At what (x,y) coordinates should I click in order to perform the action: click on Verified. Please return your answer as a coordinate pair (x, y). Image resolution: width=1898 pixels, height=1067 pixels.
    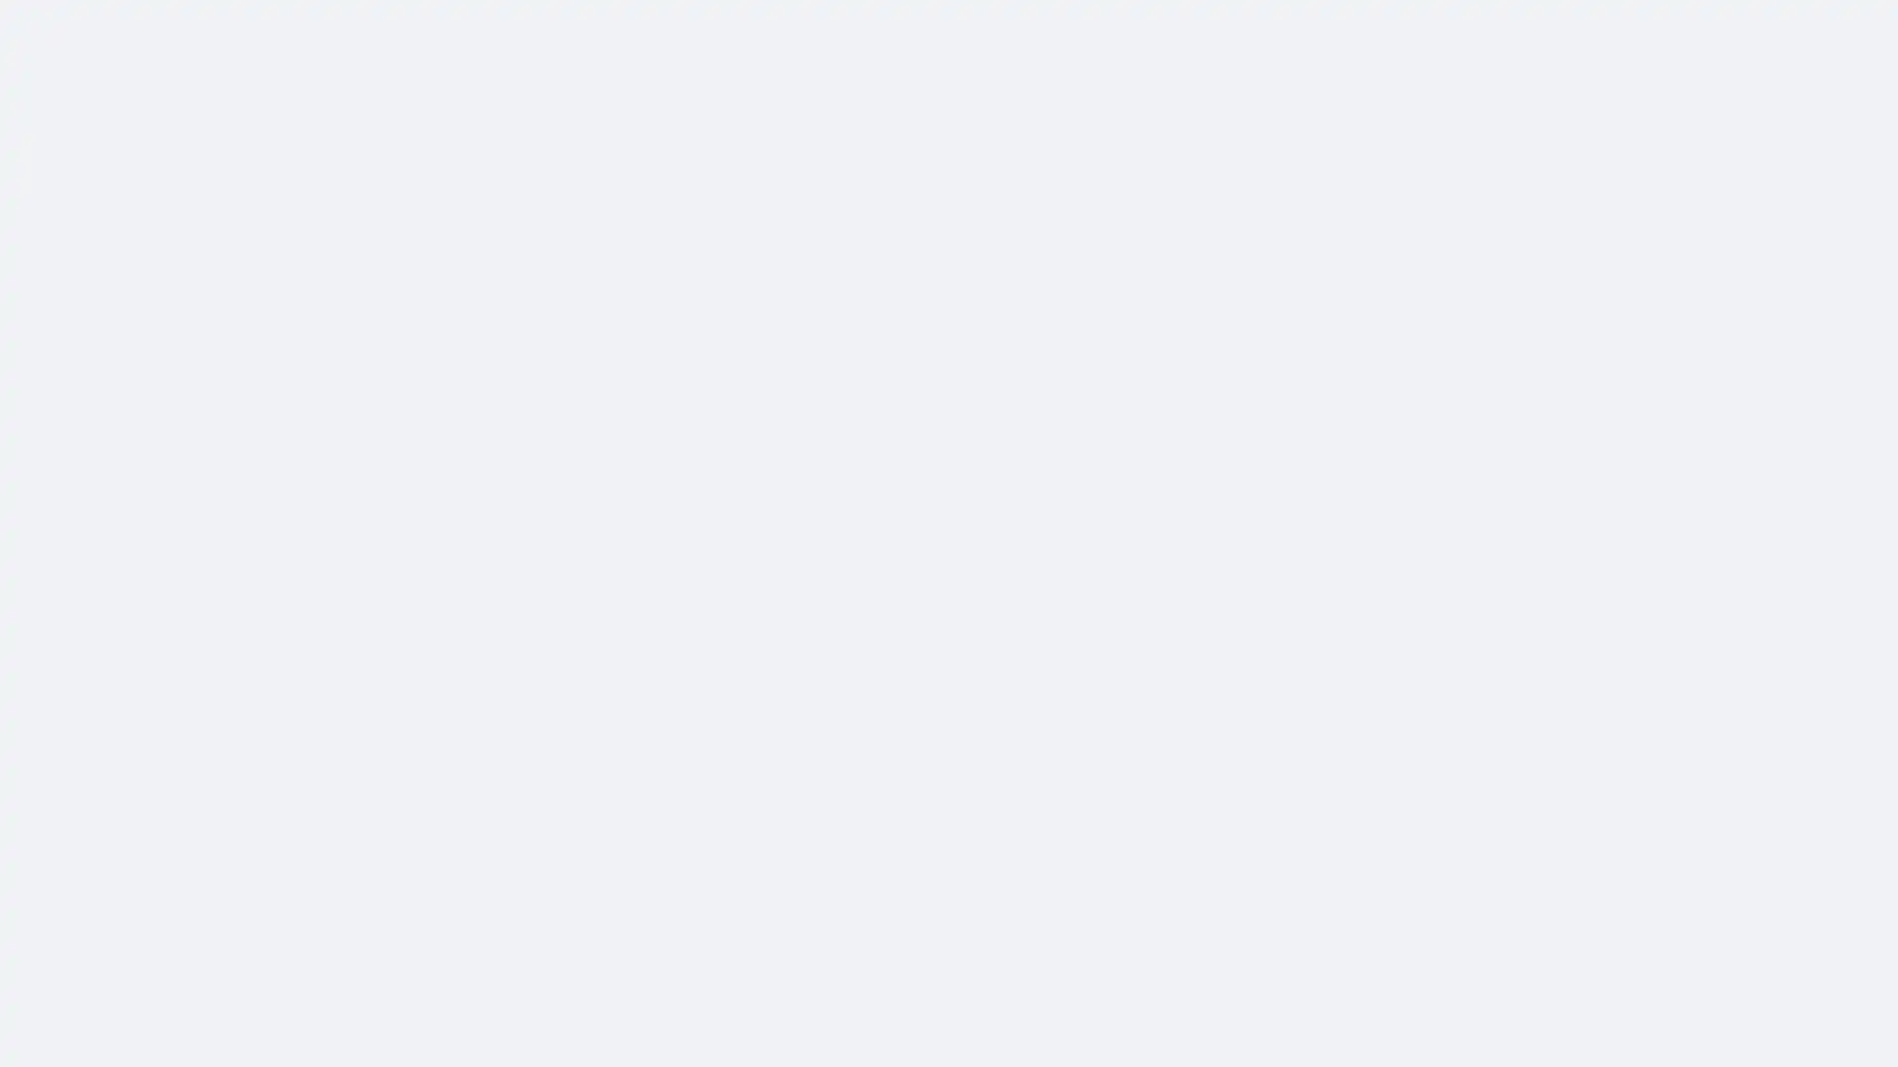
    Looking at the image, I should click on (1018, 322).